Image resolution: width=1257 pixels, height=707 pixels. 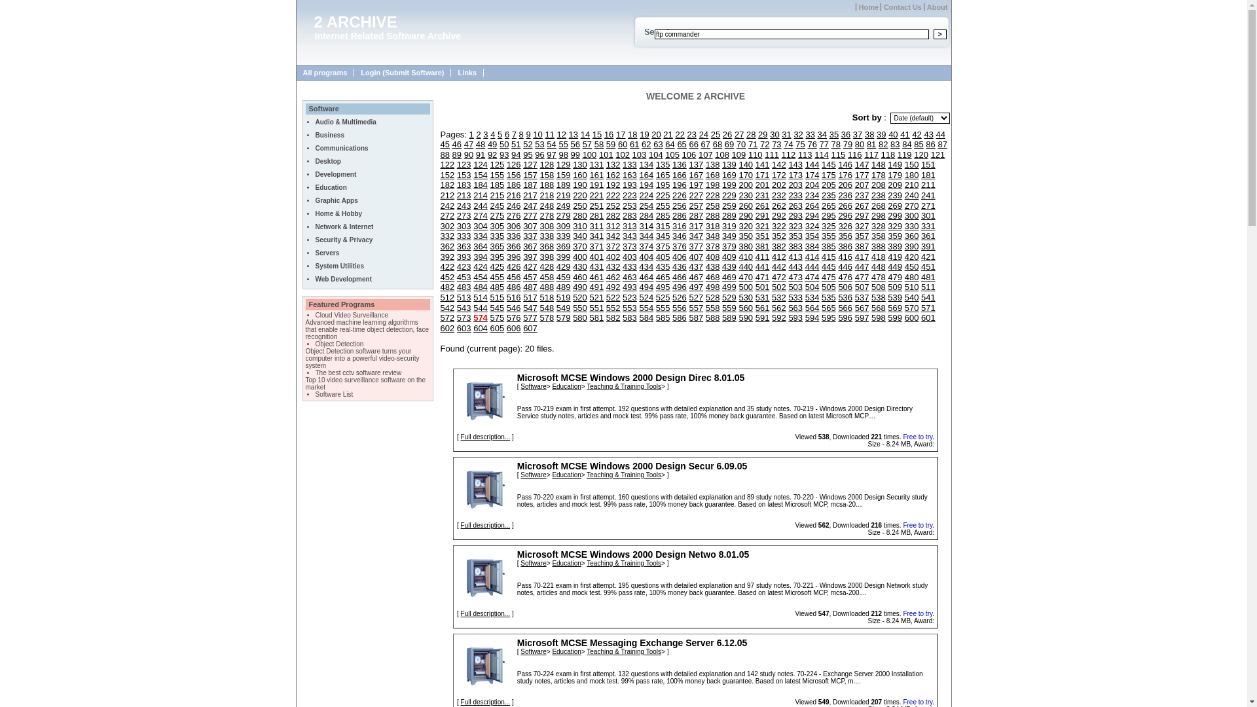 What do you see at coordinates (464, 257) in the screenshot?
I see `'393'` at bounding box center [464, 257].